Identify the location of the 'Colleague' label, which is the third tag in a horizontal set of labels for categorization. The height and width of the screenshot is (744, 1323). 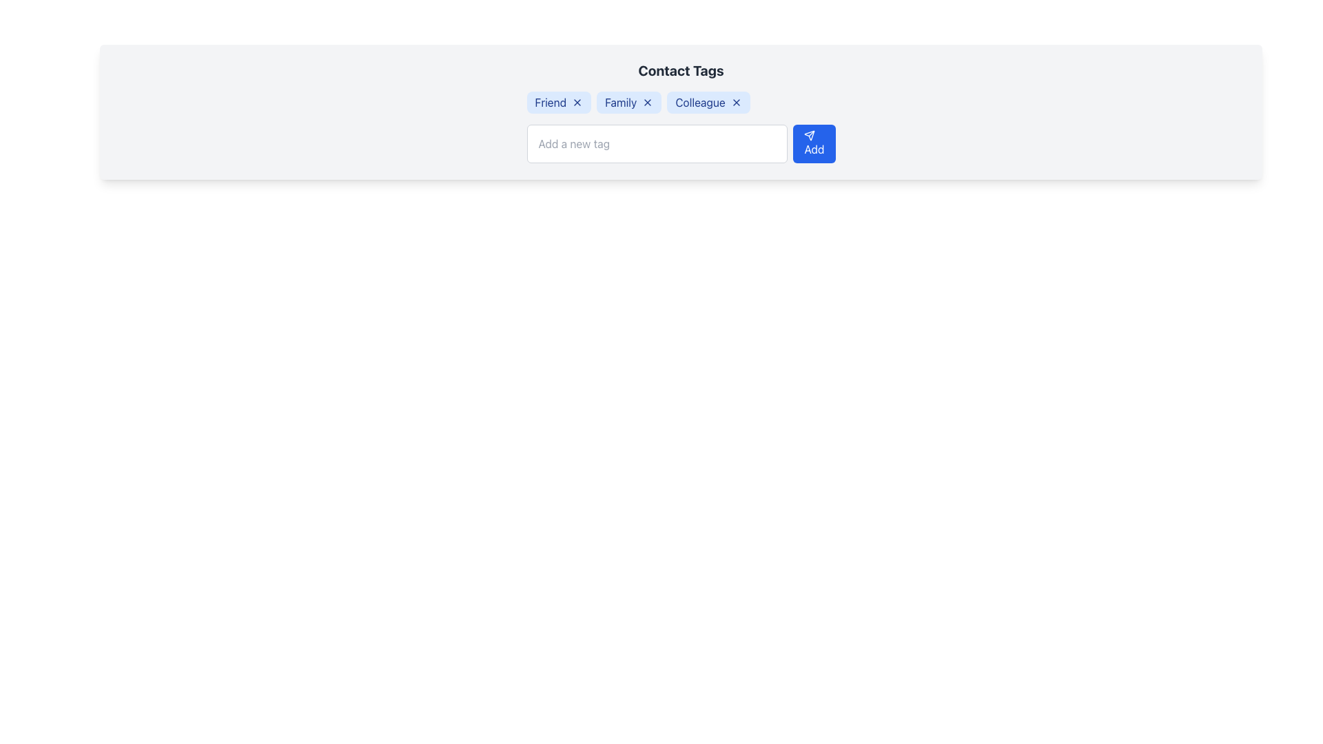
(708, 102).